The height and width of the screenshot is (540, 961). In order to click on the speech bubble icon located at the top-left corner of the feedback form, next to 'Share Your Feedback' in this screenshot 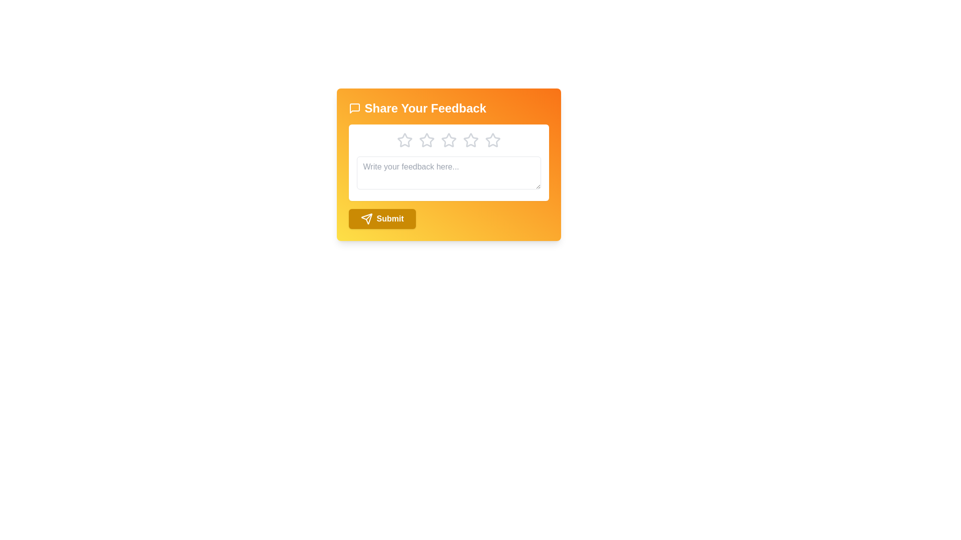, I will do `click(354, 108)`.